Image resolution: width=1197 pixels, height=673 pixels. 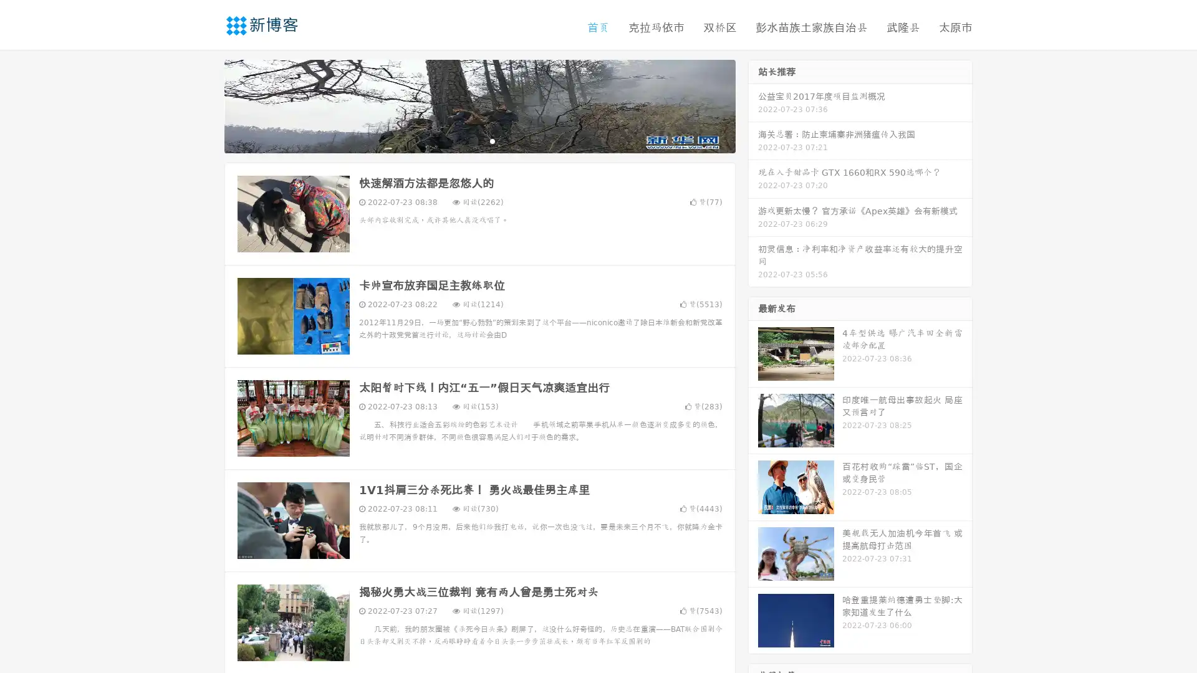 I want to click on Go to slide 3, so click(x=492, y=140).